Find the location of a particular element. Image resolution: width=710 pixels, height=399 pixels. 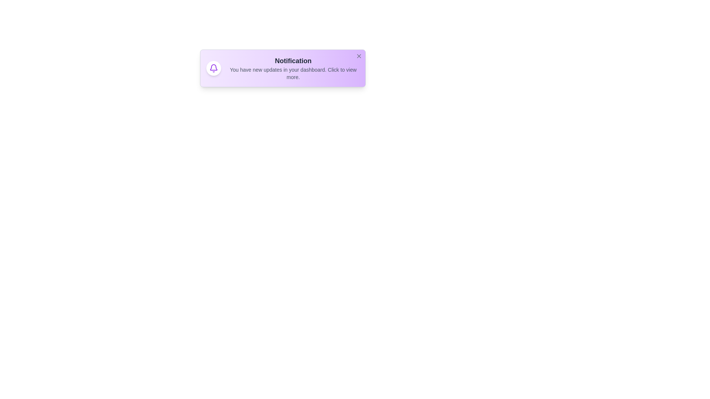

the cross-shaped close icon located at the top right corner of the notification card is located at coordinates (359, 55).